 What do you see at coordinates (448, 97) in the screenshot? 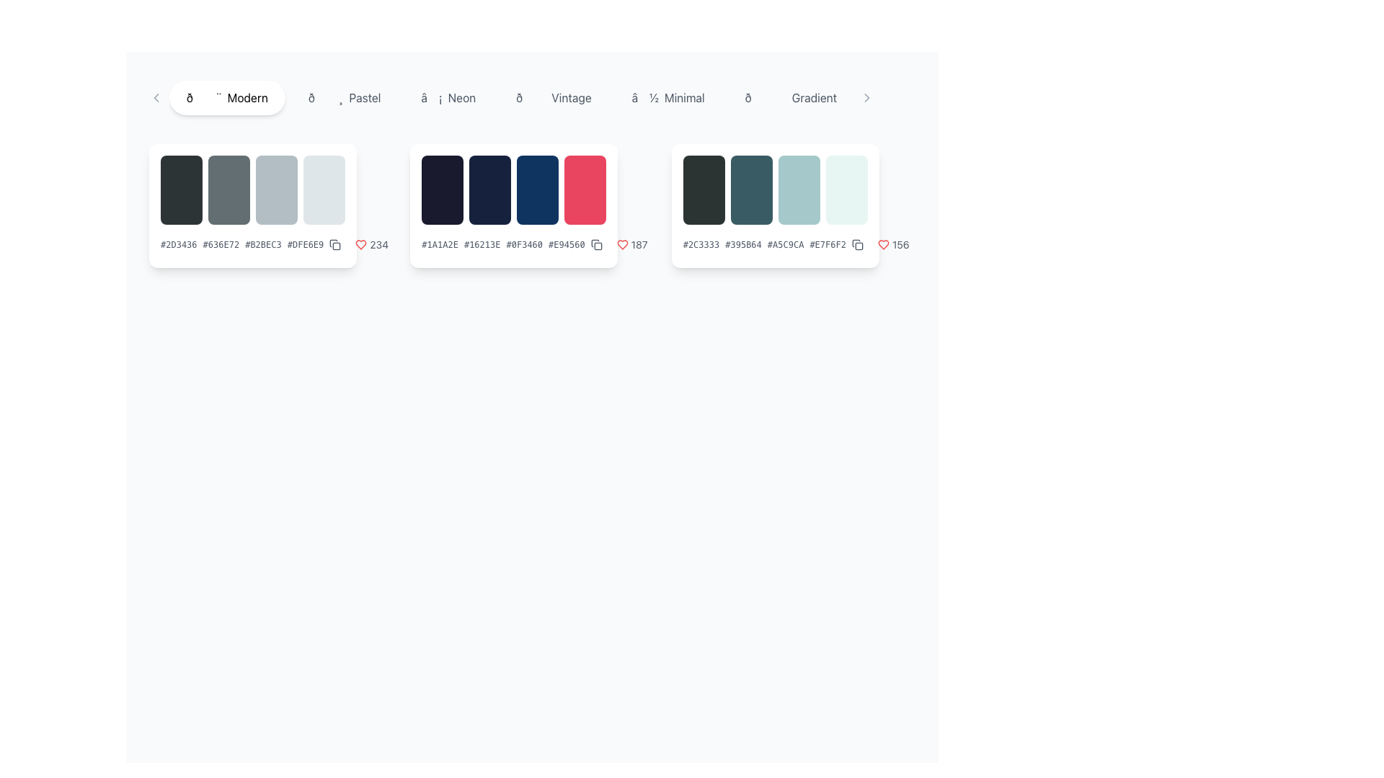
I see `the 'Neon' filter button, which is the third button in a horizontally scrollable group of buttons including 'Modern', 'Pastel', and 'Vintage'` at bounding box center [448, 97].